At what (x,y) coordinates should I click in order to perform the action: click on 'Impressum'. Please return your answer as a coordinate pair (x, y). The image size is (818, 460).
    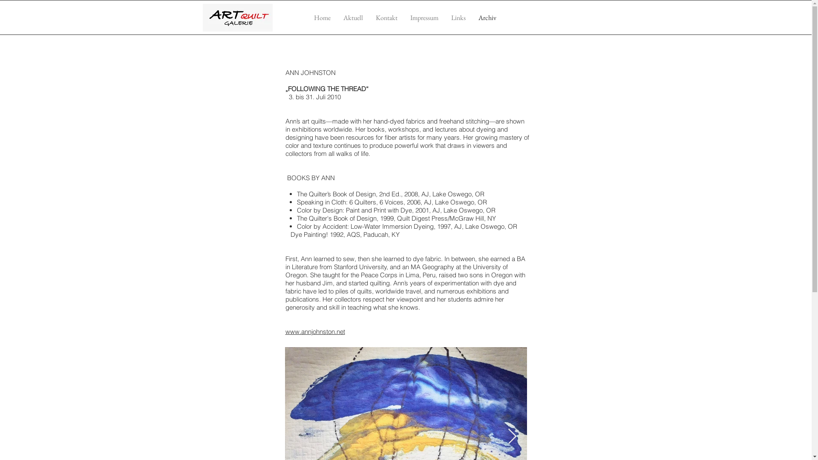
    Looking at the image, I should click on (424, 17).